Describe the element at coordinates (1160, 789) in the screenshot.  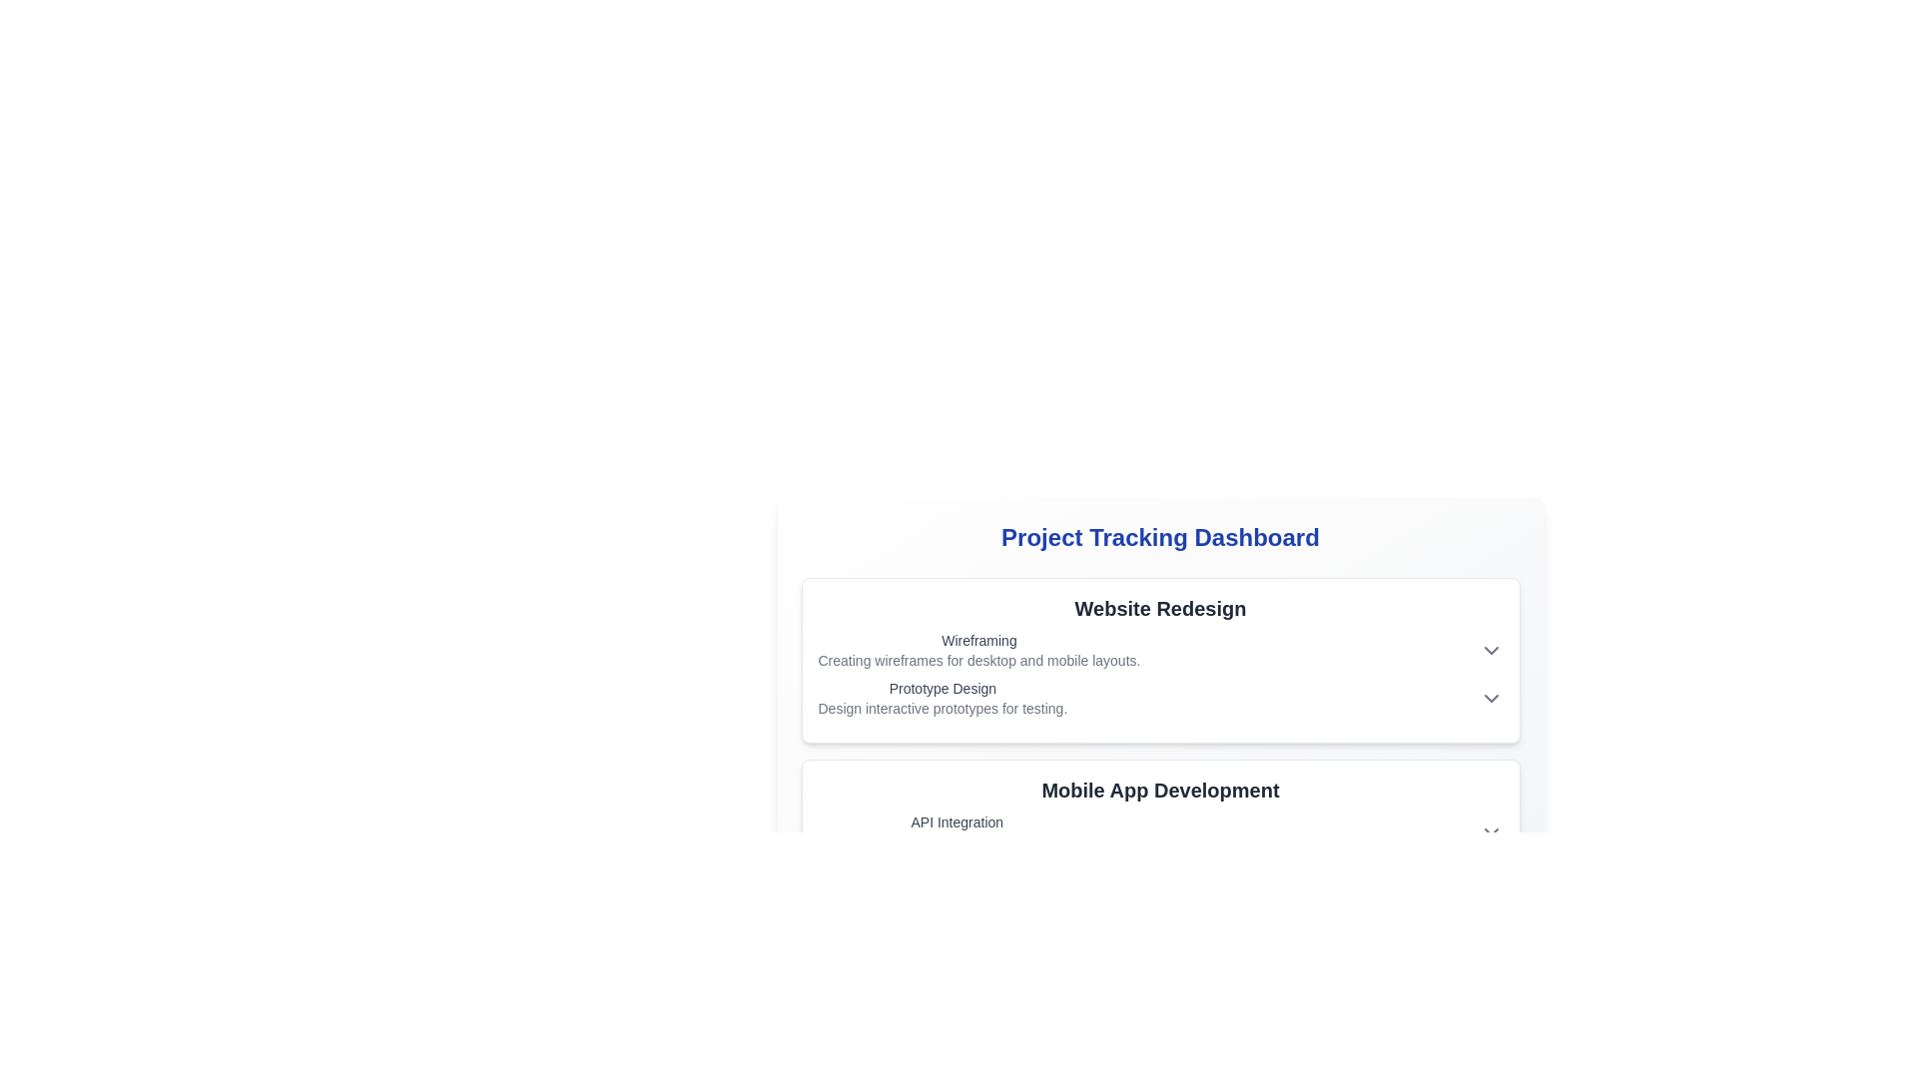
I see `text label heading that introduces the content related to 'Mobile App Development', positioned below the 'Website Redesign' section` at that location.